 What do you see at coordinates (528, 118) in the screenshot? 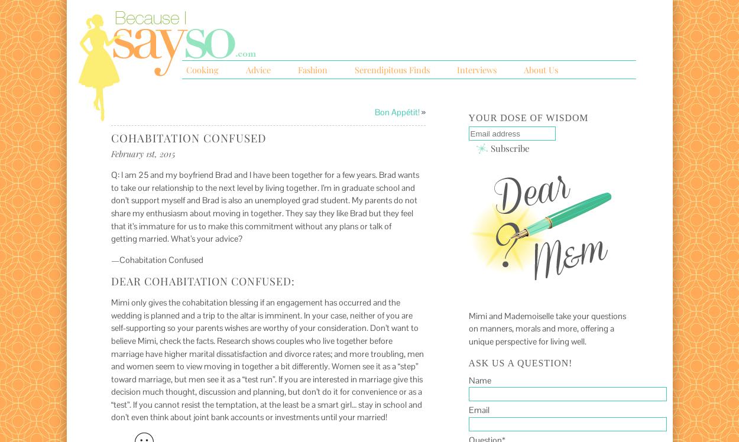
I see `'Your Dose of Wisdom'` at bounding box center [528, 118].